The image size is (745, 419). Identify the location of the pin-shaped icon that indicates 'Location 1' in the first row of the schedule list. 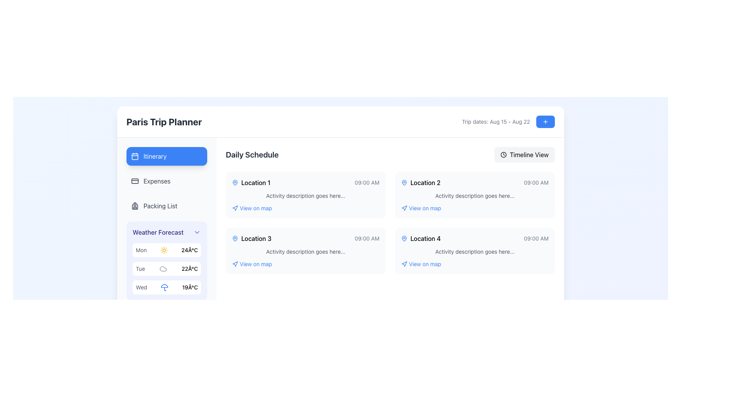
(234, 182).